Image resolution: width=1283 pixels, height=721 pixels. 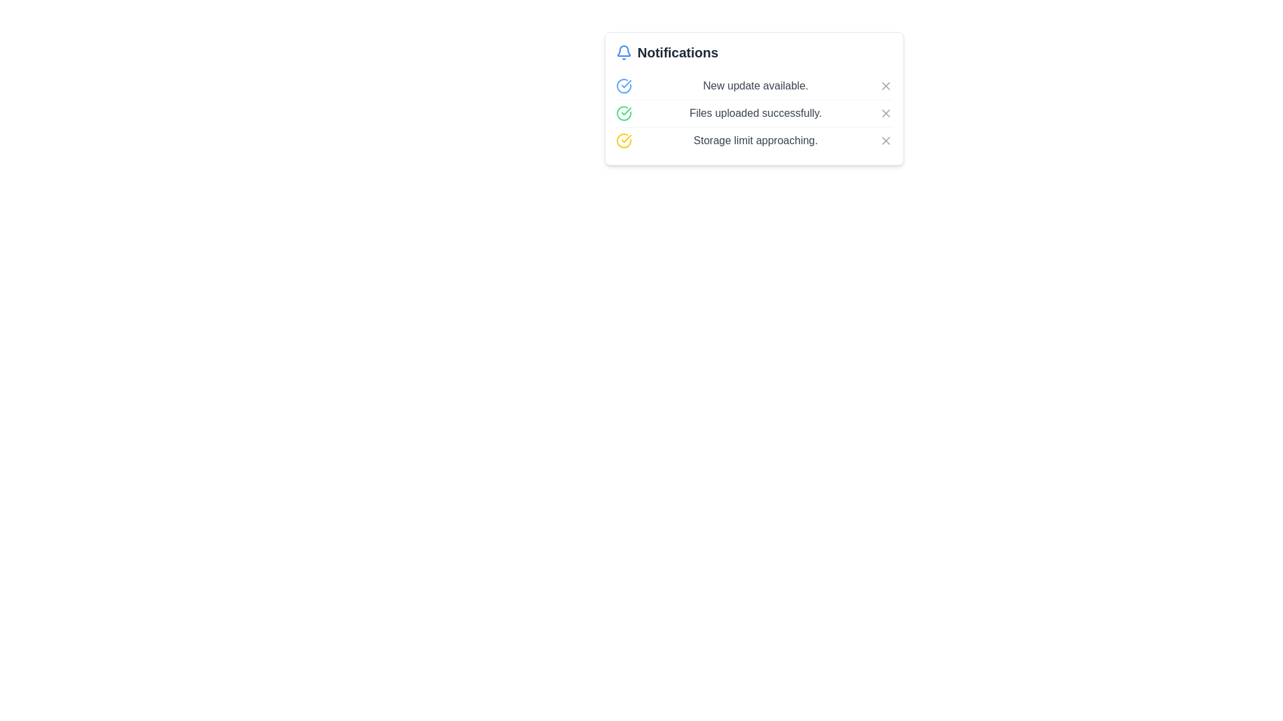 What do you see at coordinates (885, 112) in the screenshot?
I see `the Close icon segment located to the right of the text 'Files uploaded successfully' in the notification panel` at bounding box center [885, 112].